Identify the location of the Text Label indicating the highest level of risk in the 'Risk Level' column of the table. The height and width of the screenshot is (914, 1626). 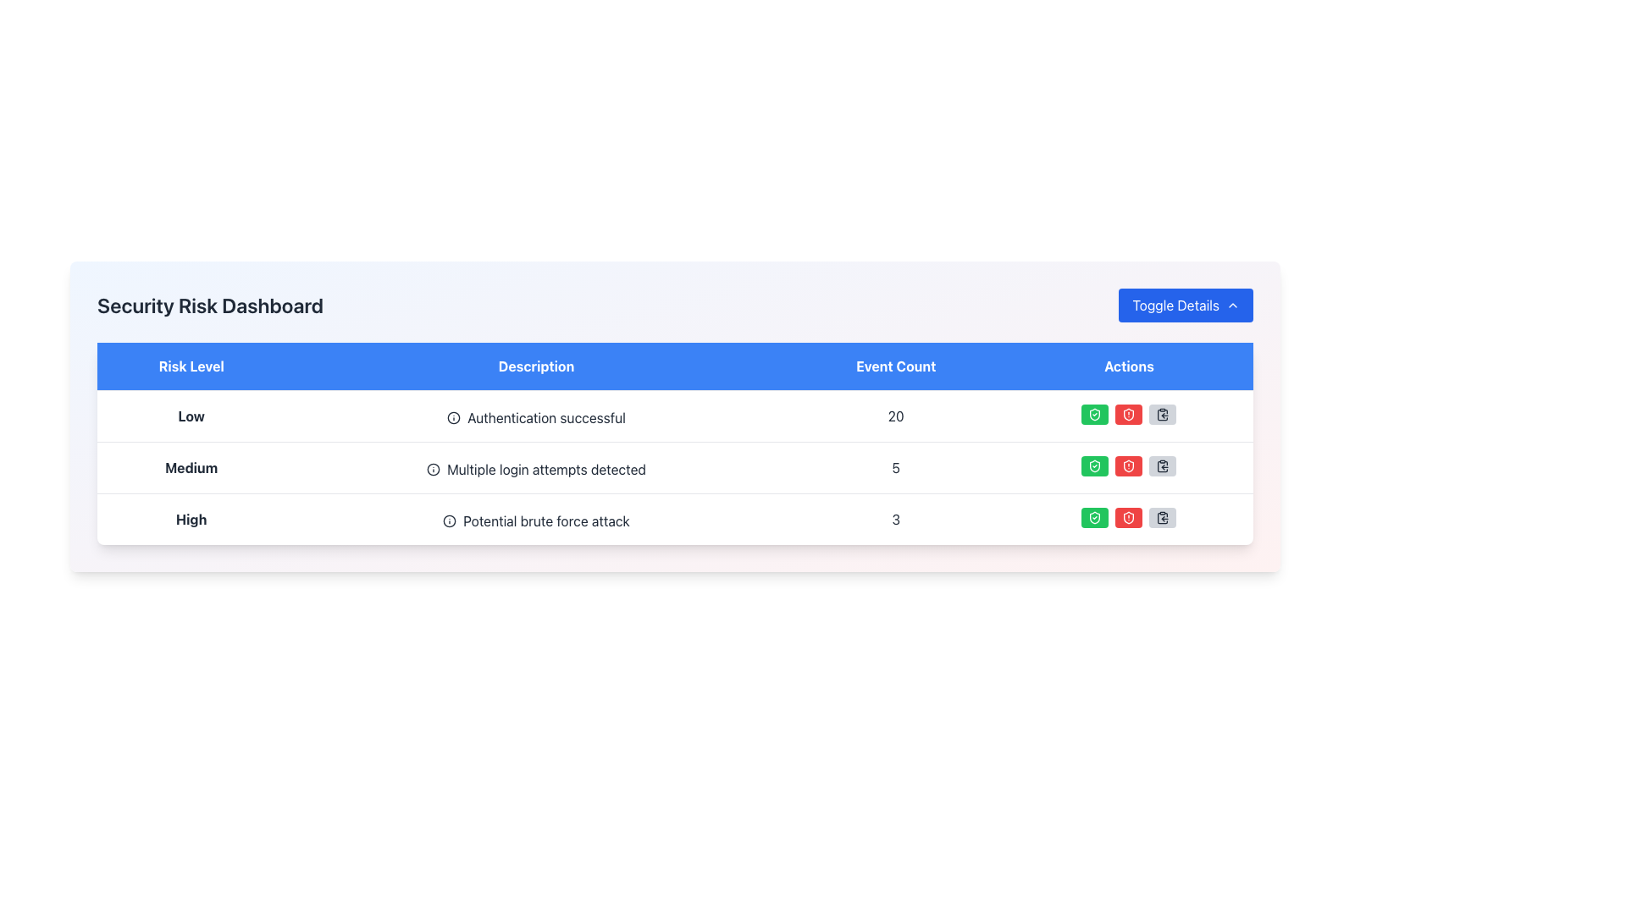
(191, 518).